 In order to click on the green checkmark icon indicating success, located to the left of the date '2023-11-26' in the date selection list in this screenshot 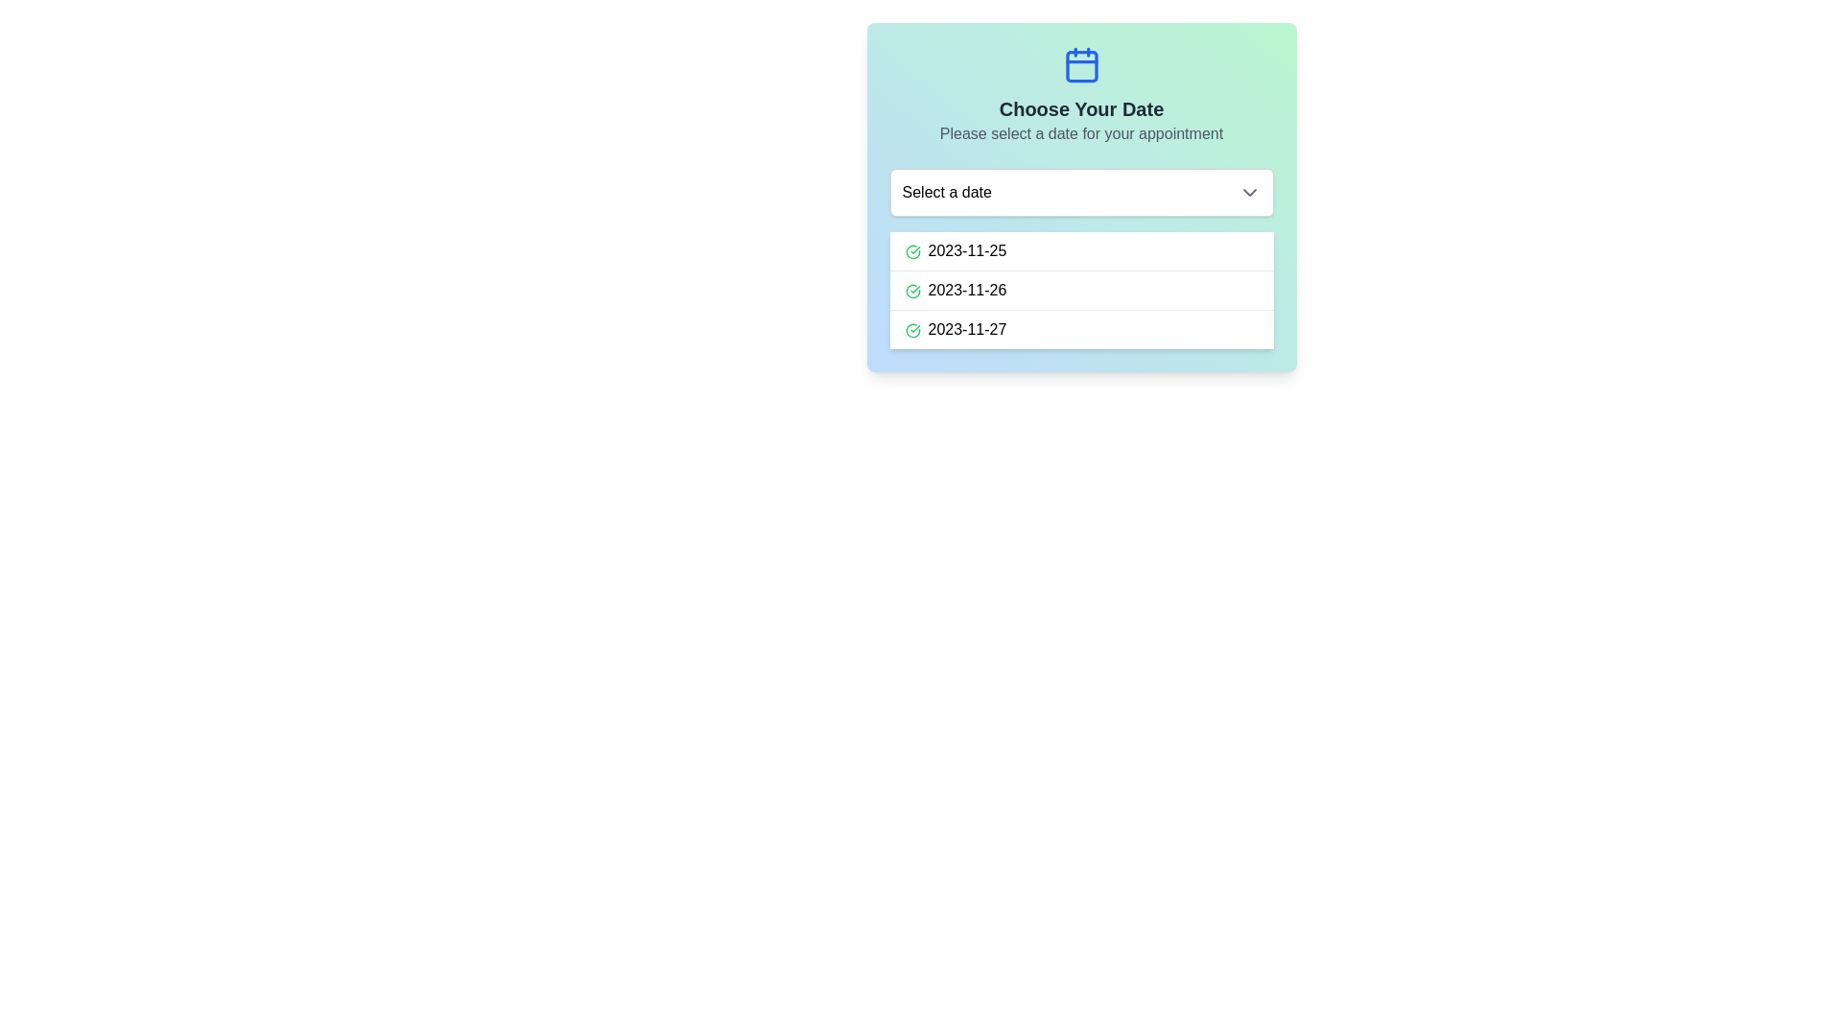, I will do `click(911, 291)`.